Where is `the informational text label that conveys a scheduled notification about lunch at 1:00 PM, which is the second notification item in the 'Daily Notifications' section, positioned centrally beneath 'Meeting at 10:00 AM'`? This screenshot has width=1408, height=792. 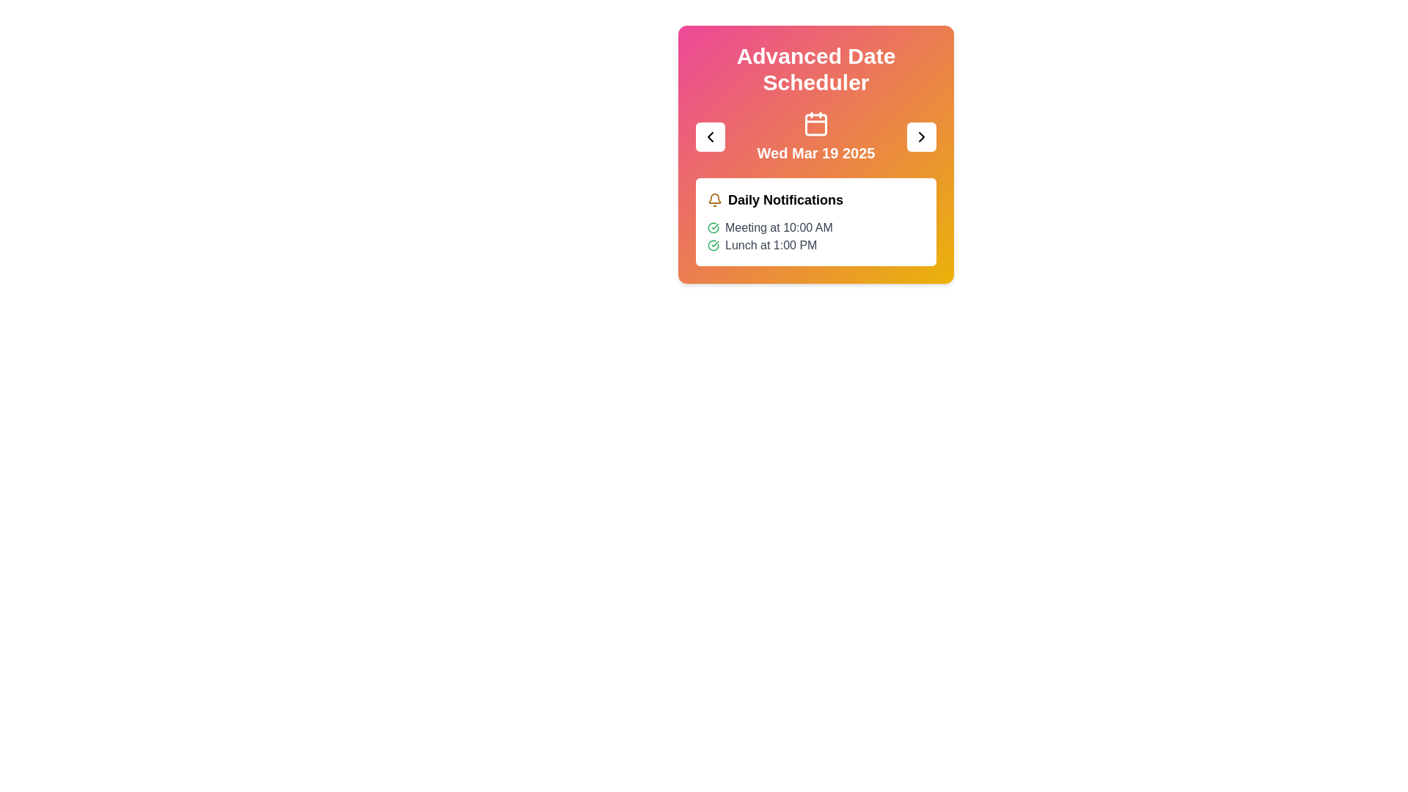 the informational text label that conveys a scheduled notification about lunch at 1:00 PM, which is the second notification item in the 'Daily Notifications' section, positioned centrally beneath 'Meeting at 10:00 AM' is located at coordinates (770, 245).